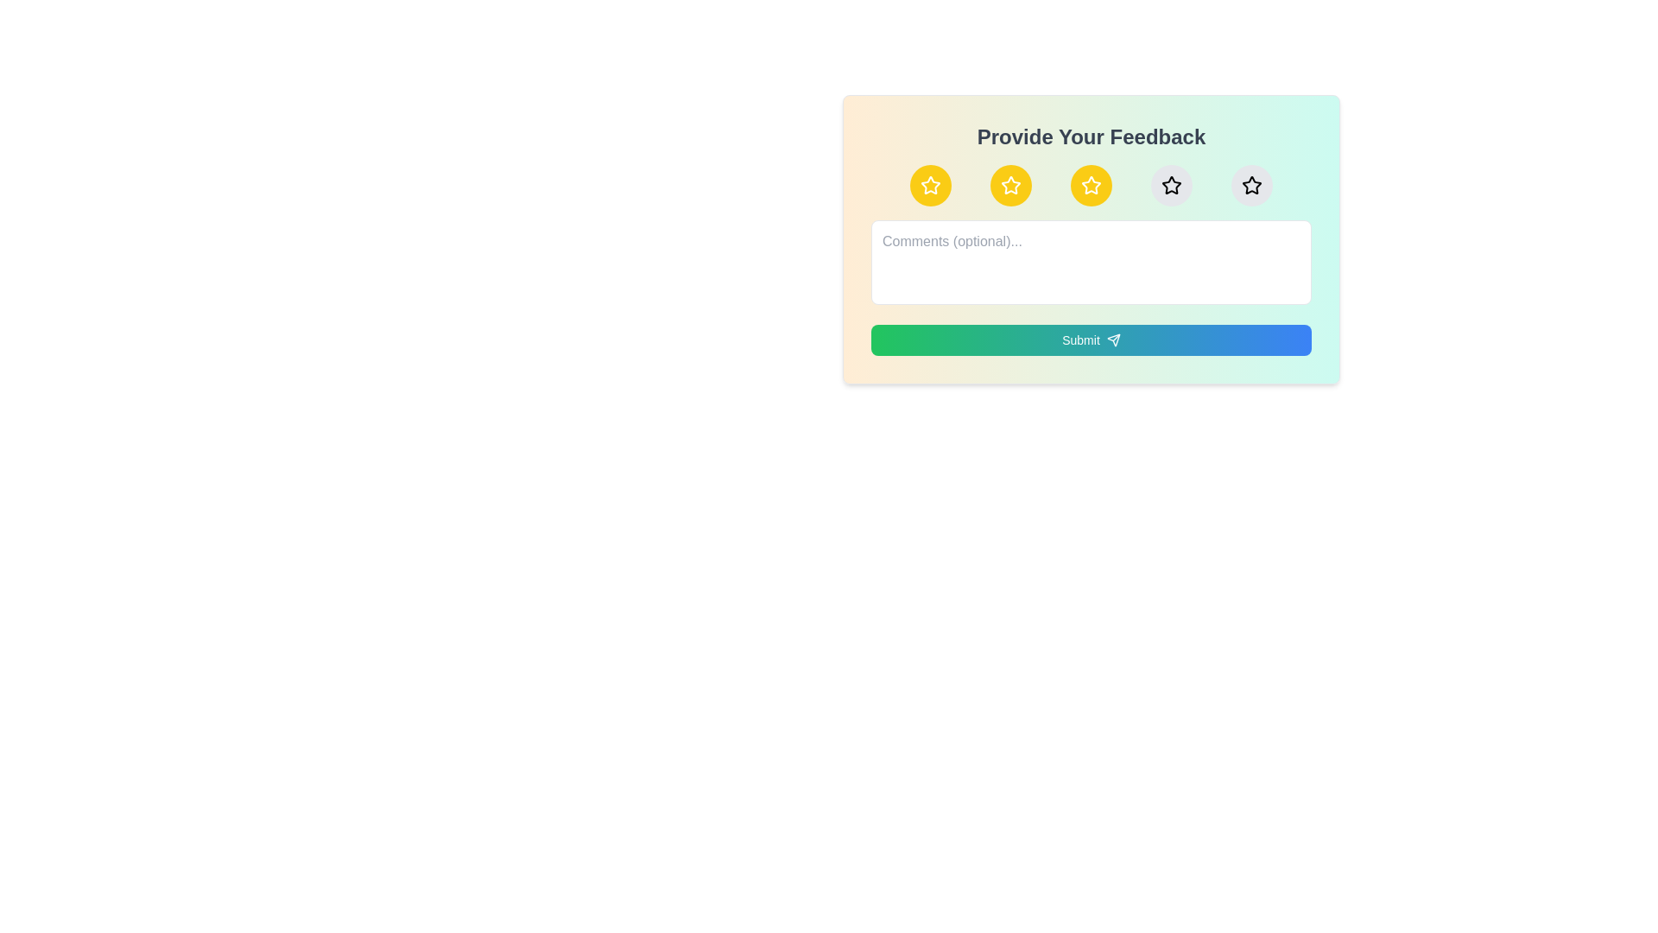 This screenshot has height=933, width=1658. What do you see at coordinates (930, 186) in the screenshot?
I see `the star corresponding to the desired rating 1` at bounding box center [930, 186].